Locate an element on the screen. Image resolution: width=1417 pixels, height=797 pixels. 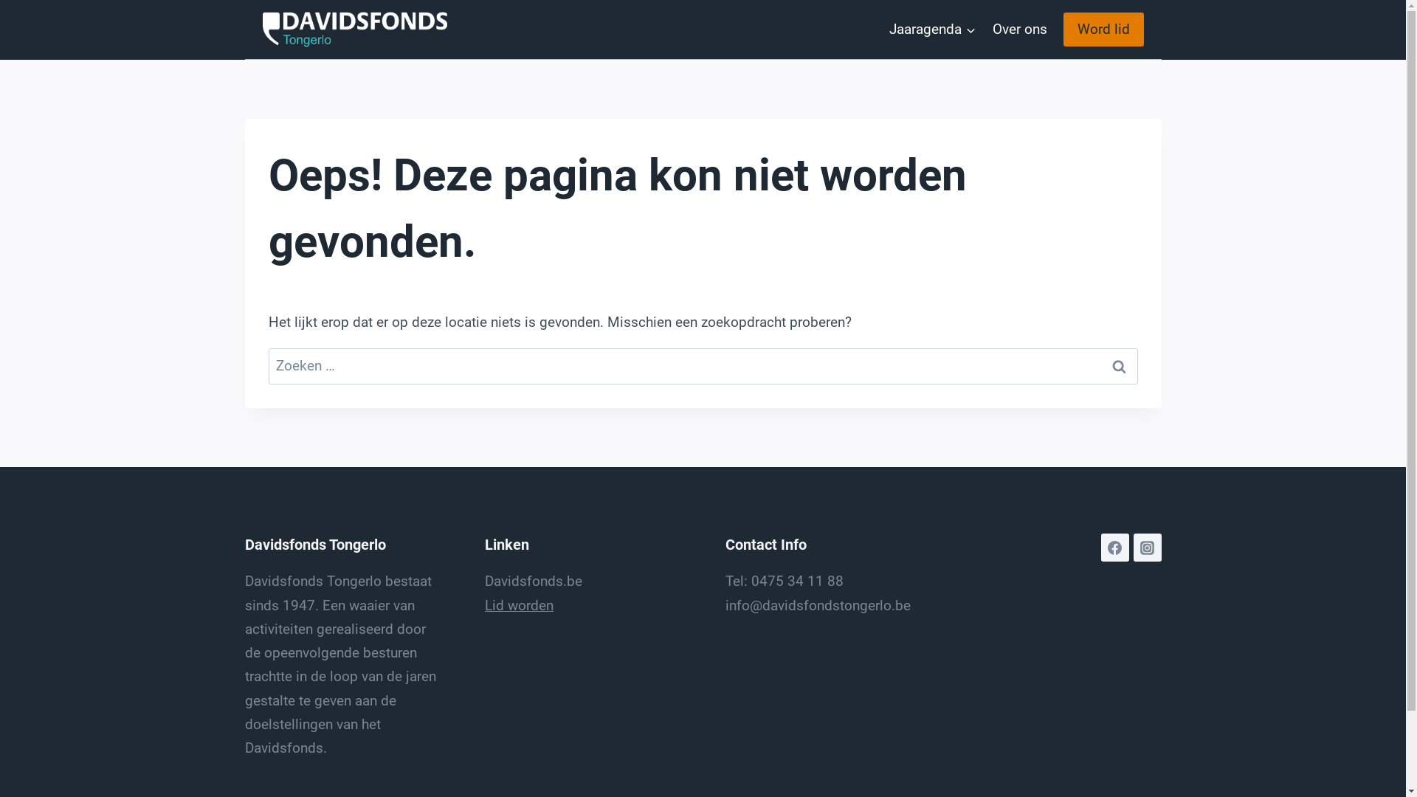
'Jaaragenda' is located at coordinates (931, 29).